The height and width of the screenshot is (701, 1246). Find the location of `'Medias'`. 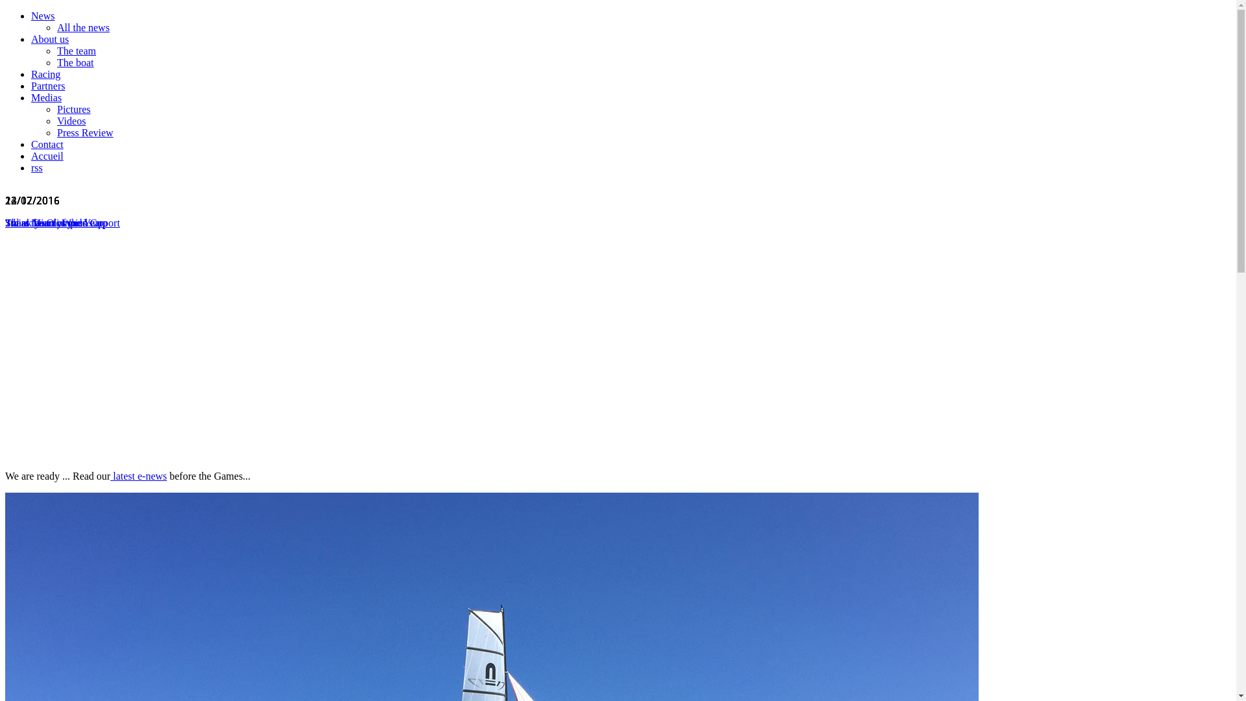

'Medias' is located at coordinates (46, 97).